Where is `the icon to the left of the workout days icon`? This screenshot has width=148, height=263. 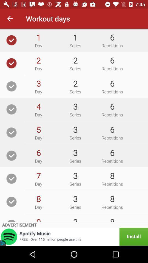 the icon to the left of the workout days icon is located at coordinates (10, 19).